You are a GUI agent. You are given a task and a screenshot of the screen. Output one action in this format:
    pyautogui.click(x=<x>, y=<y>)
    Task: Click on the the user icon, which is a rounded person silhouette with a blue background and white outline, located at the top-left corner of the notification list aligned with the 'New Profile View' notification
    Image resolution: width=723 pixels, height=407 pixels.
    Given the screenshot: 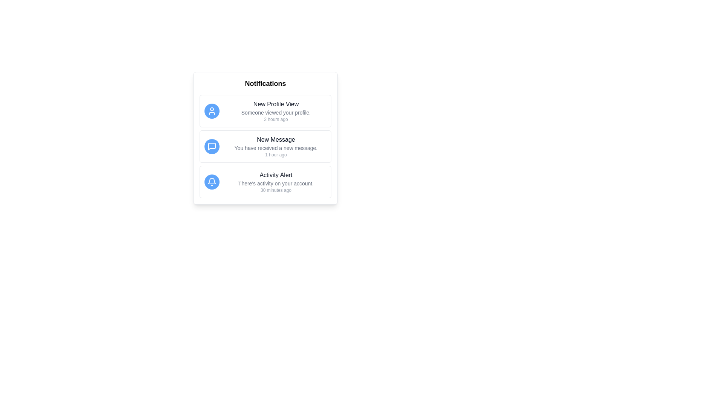 What is the action you would take?
    pyautogui.click(x=211, y=111)
    